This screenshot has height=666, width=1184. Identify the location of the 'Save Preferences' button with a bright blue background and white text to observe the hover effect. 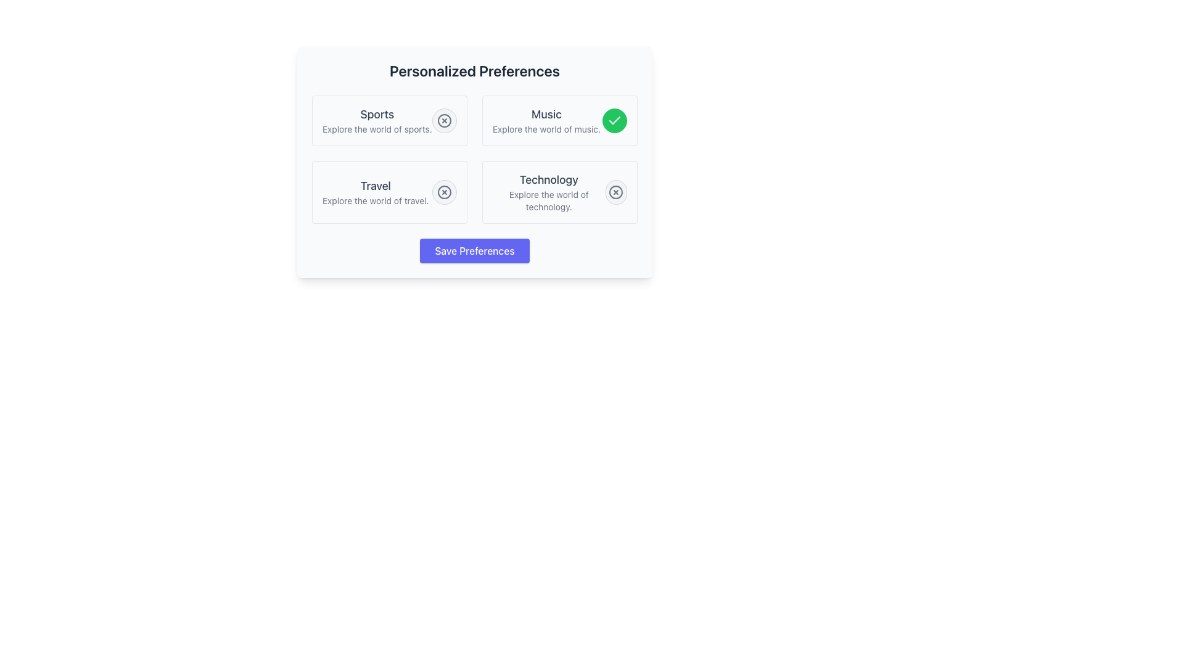
(474, 250).